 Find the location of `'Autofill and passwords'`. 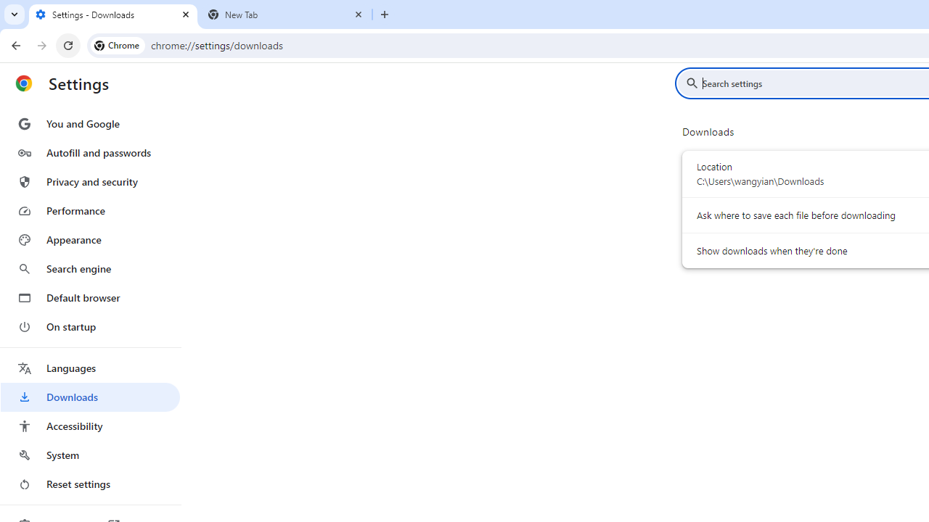

'Autofill and passwords' is located at coordinates (89, 152).